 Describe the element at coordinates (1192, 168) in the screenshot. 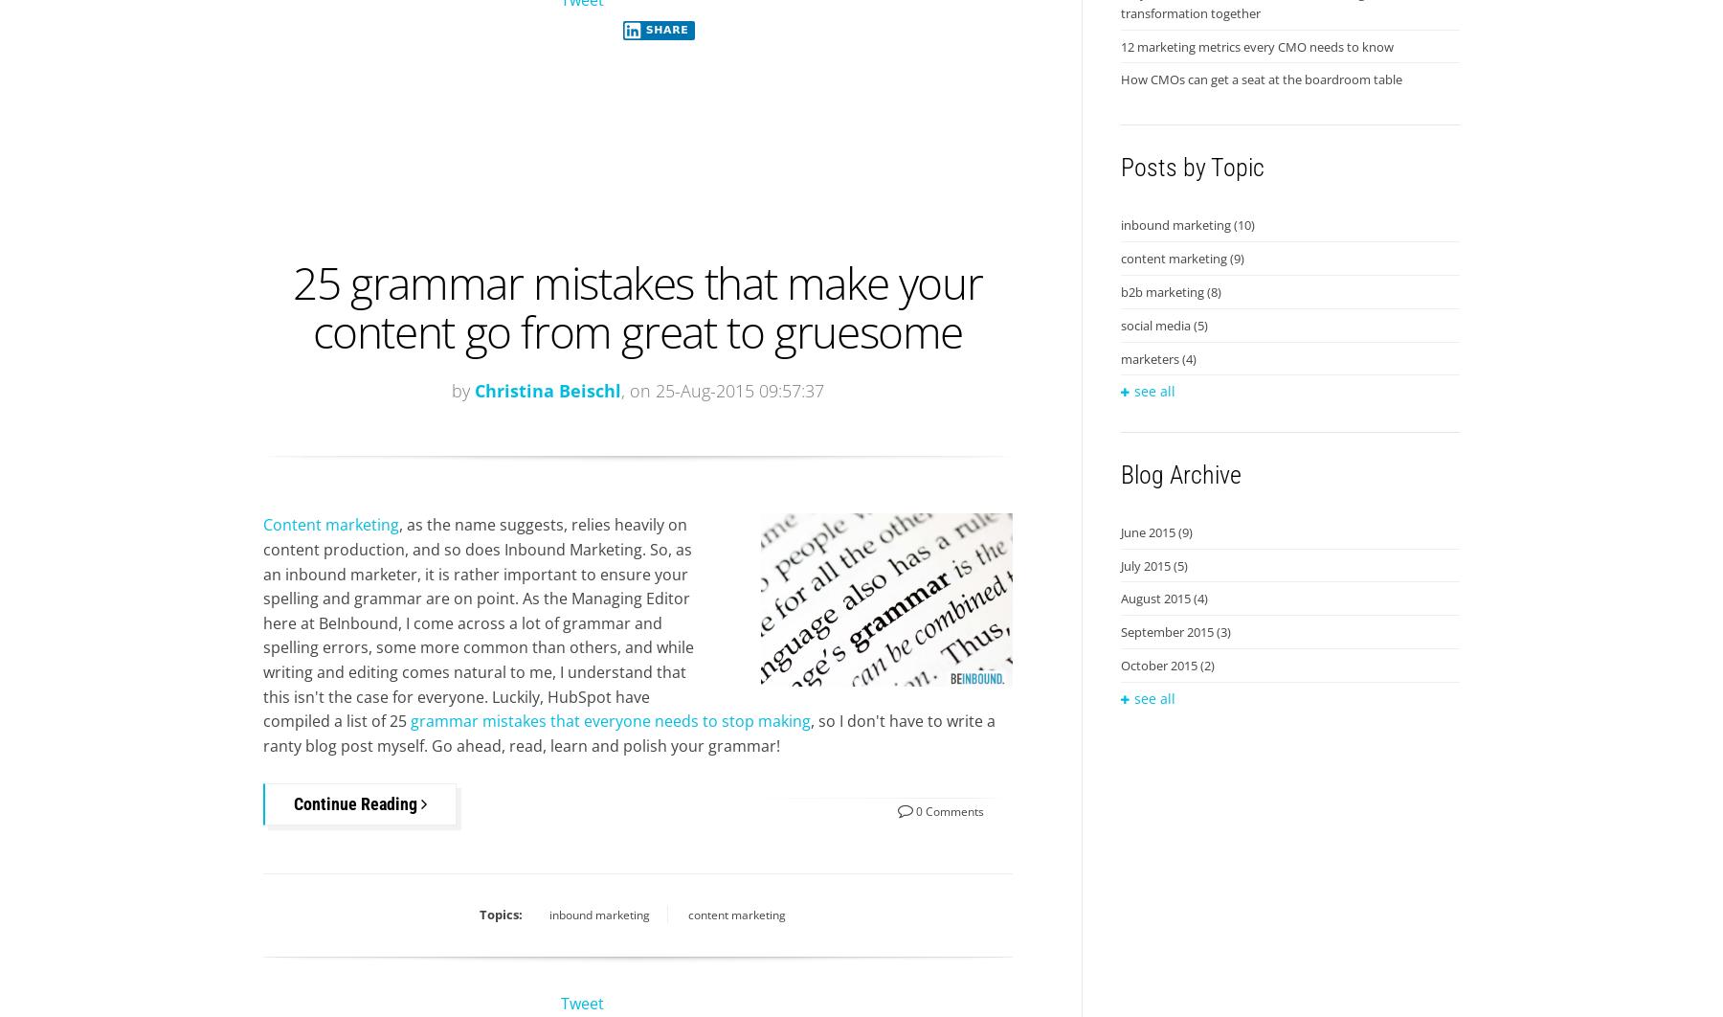

I see `'Posts by Topic'` at that location.